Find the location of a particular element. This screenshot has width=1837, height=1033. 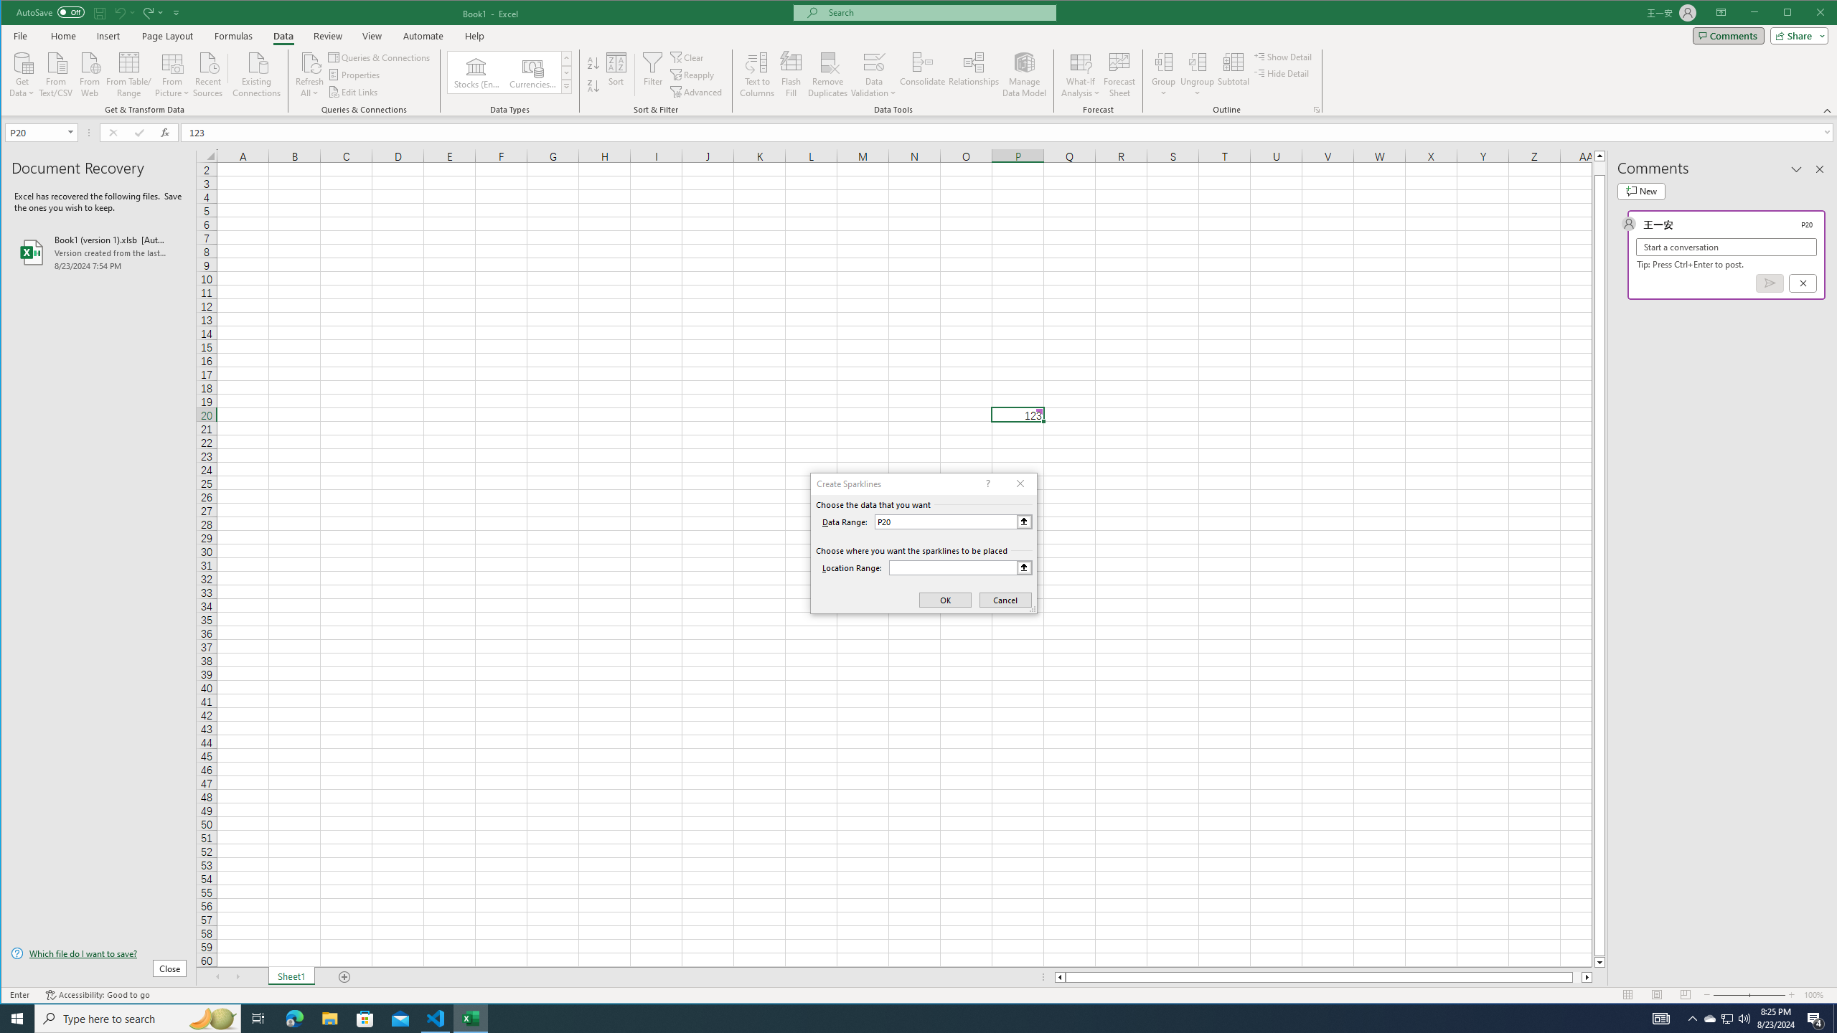

'Sort Smallest to Largest' is located at coordinates (593, 62).